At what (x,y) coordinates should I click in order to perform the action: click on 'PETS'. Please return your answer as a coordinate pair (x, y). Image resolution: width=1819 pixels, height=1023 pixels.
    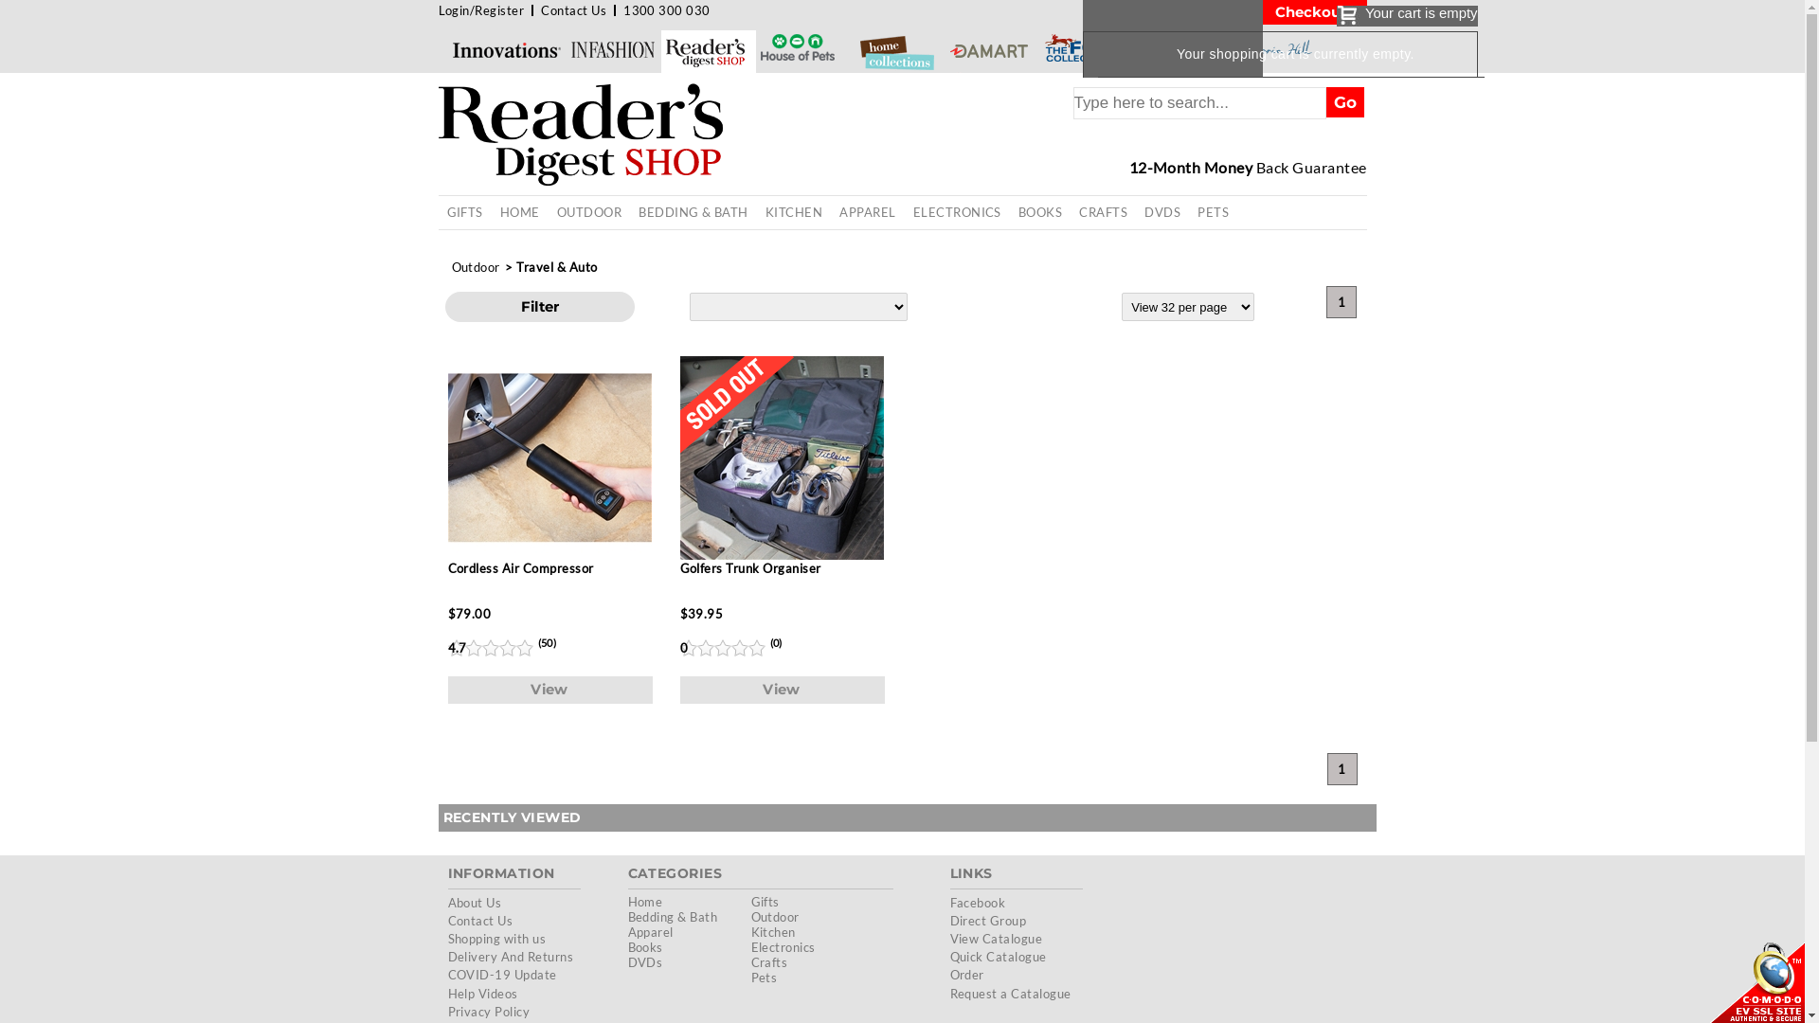
    Looking at the image, I should click on (1187, 212).